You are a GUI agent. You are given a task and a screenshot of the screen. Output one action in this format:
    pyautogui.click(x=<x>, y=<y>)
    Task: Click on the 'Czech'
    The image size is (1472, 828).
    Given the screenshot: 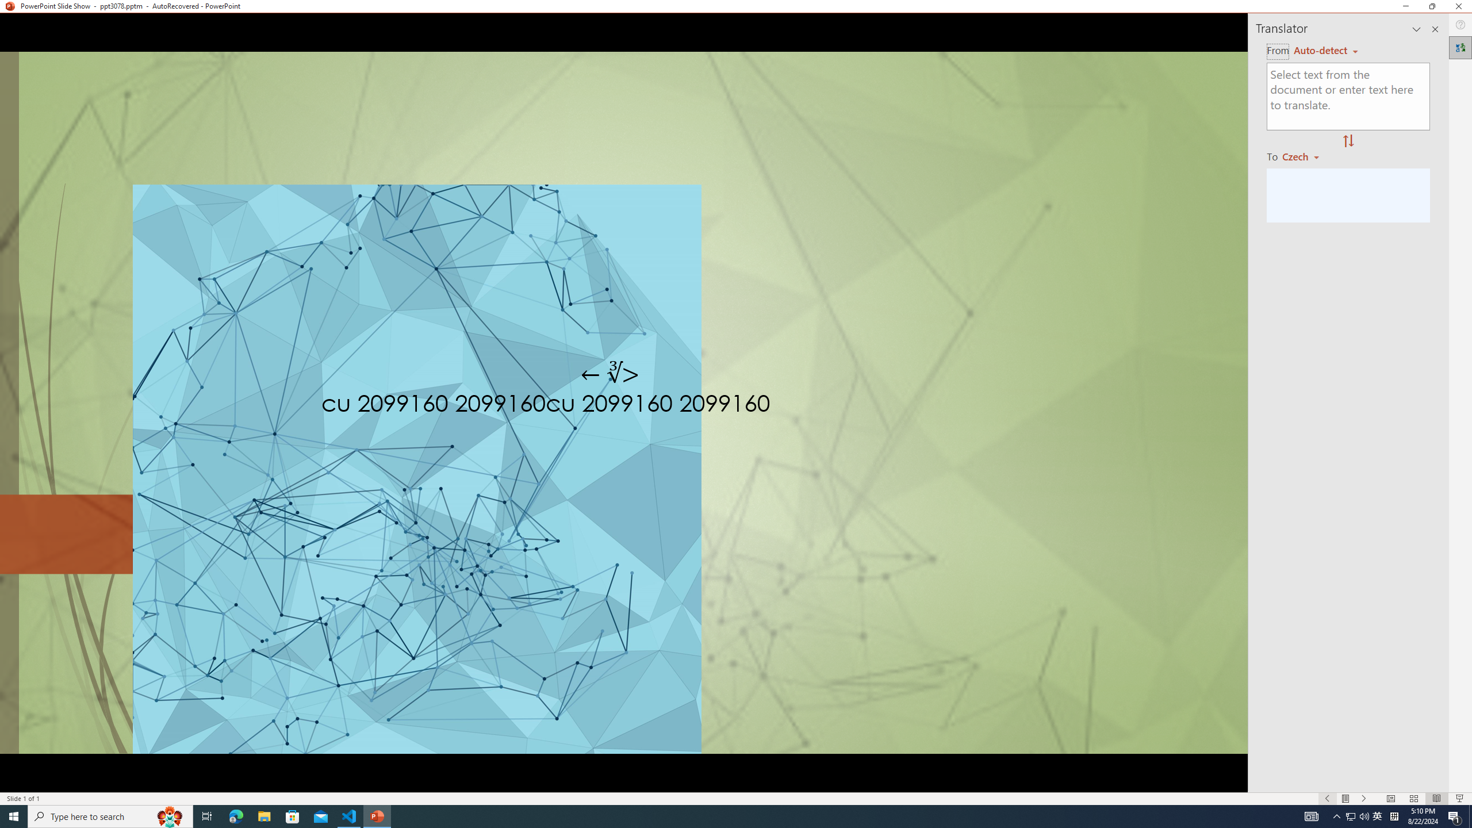 What is the action you would take?
    pyautogui.click(x=1305, y=156)
    